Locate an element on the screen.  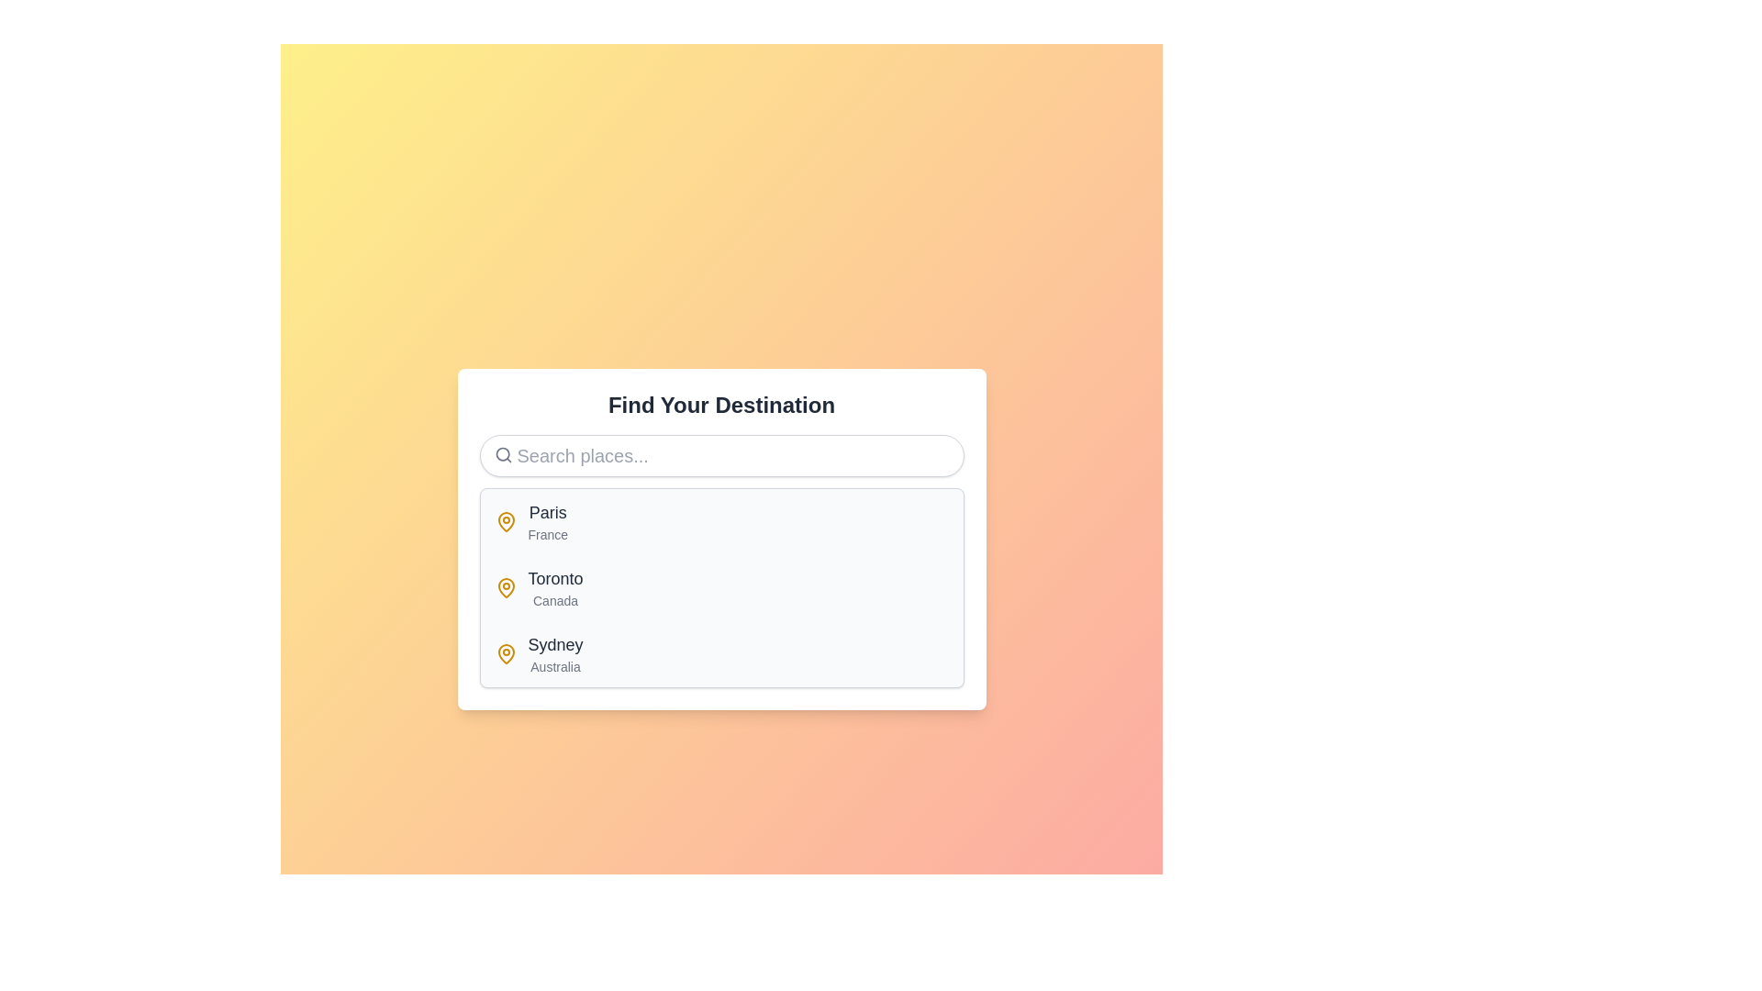
the 'Toronto, Canada' list item is located at coordinates (720, 587).